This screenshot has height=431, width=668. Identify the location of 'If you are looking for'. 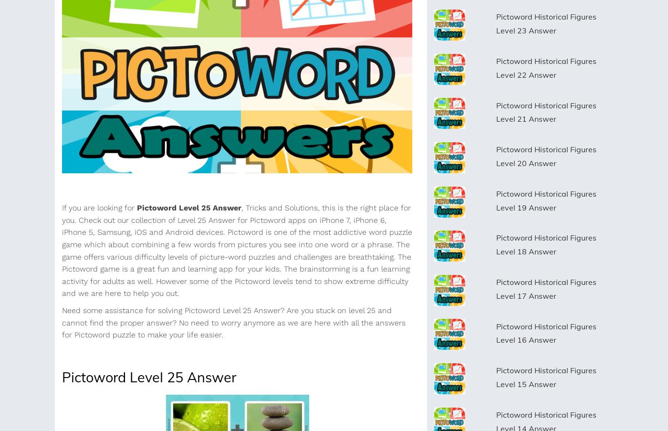
(99, 207).